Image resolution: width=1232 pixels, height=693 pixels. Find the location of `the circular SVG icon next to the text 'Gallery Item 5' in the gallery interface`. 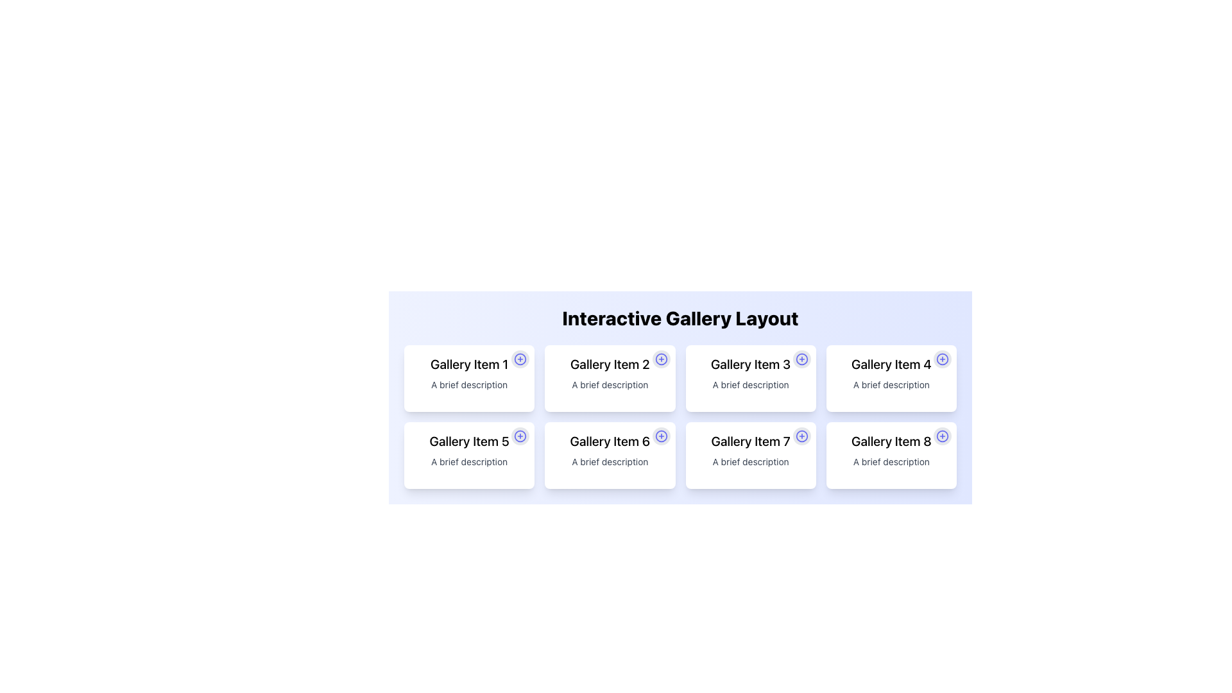

the circular SVG icon next to the text 'Gallery Item 5' in the gallery interface is located at coordinates (520, 435).